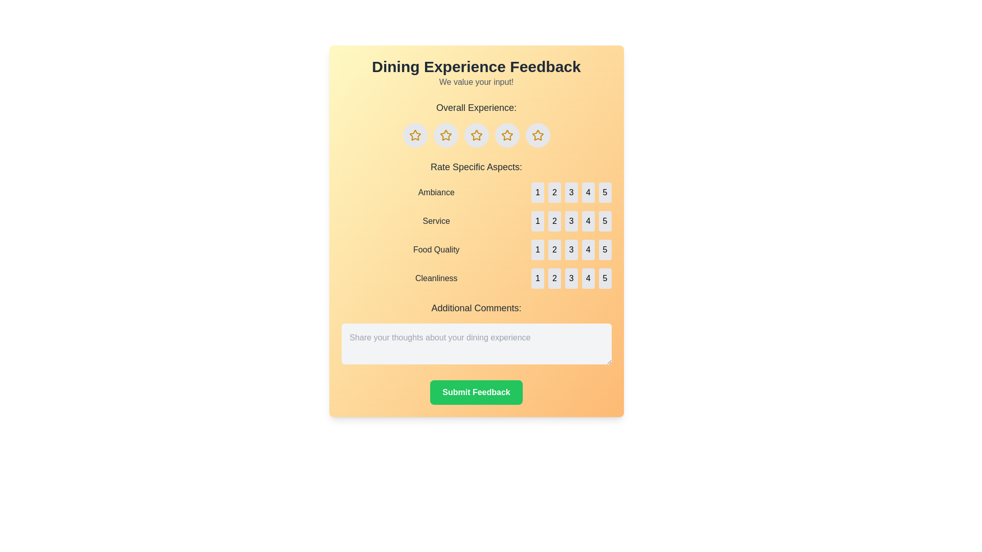  What do you see at coordinates (605, 250) in the screenshot?
I see `the rectangular button displaying '5', which has a gray background and changes to yellow when hovered` at bounding box center [605, 250].